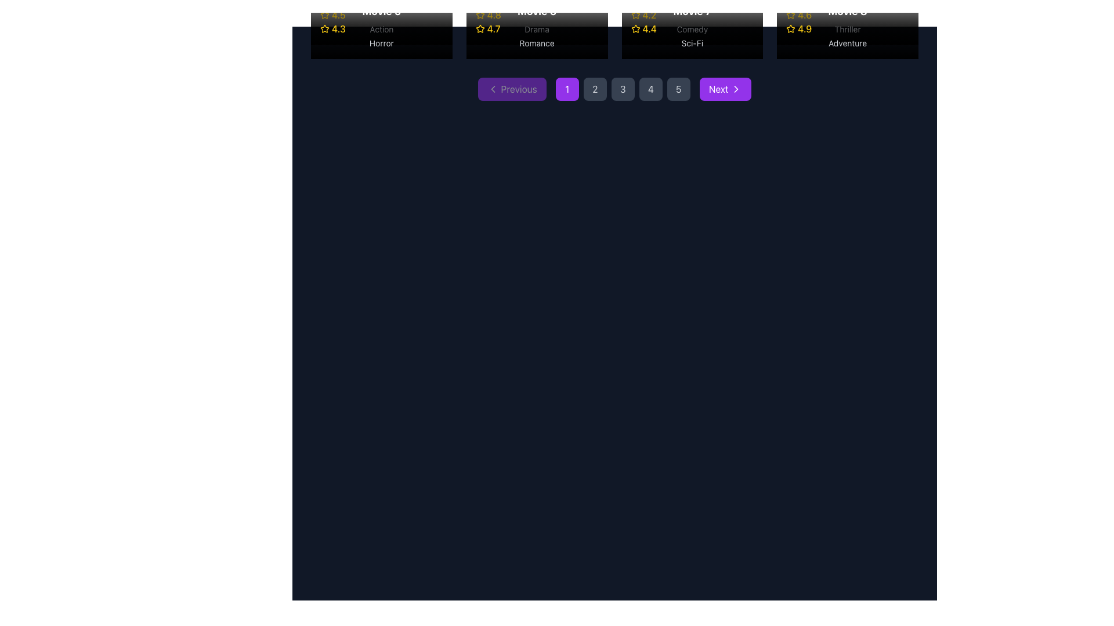  I want to click on the button that navigates to the fifth page in a sequence of numbered buttons, so click(678, 89).